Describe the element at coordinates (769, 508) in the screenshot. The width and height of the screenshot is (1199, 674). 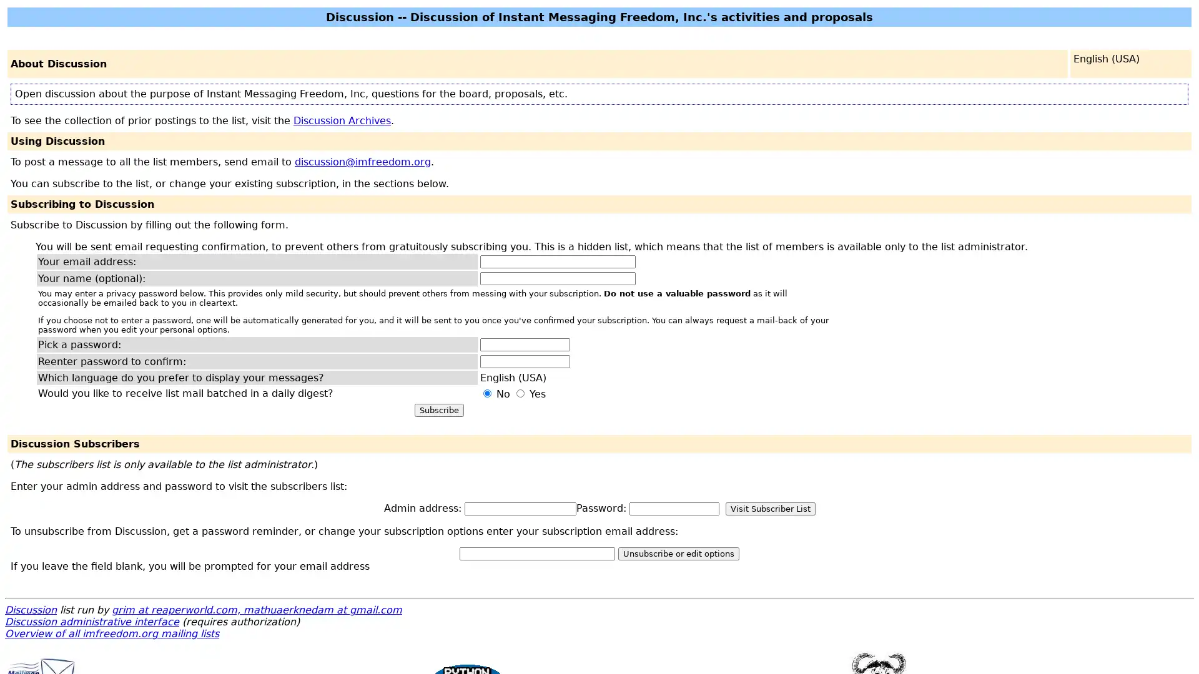
I see `Visit Subscriber List` at that location.